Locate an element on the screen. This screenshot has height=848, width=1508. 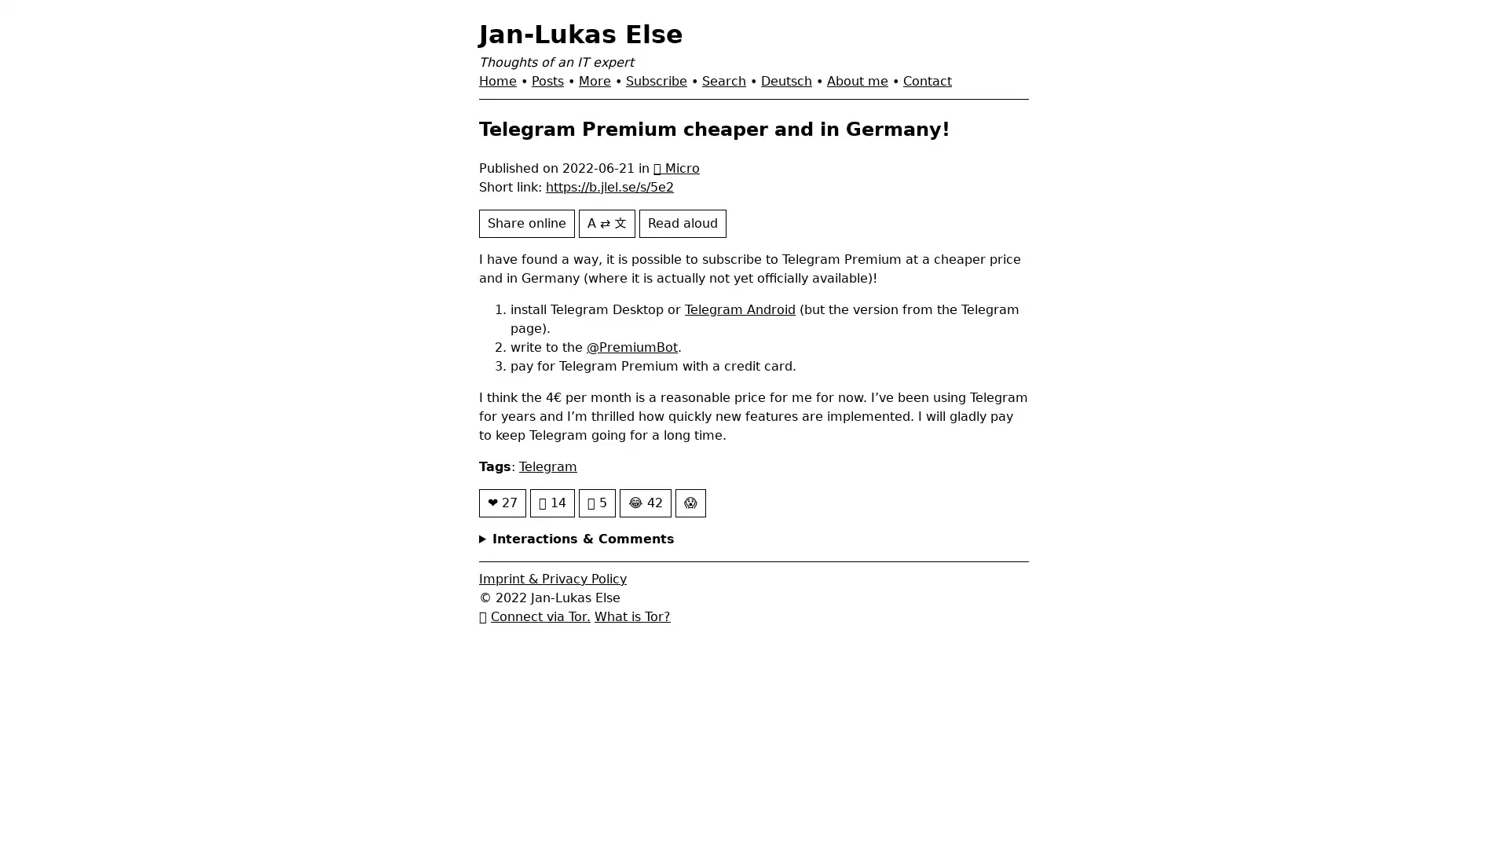
42 is located at coordinates (645, 503).